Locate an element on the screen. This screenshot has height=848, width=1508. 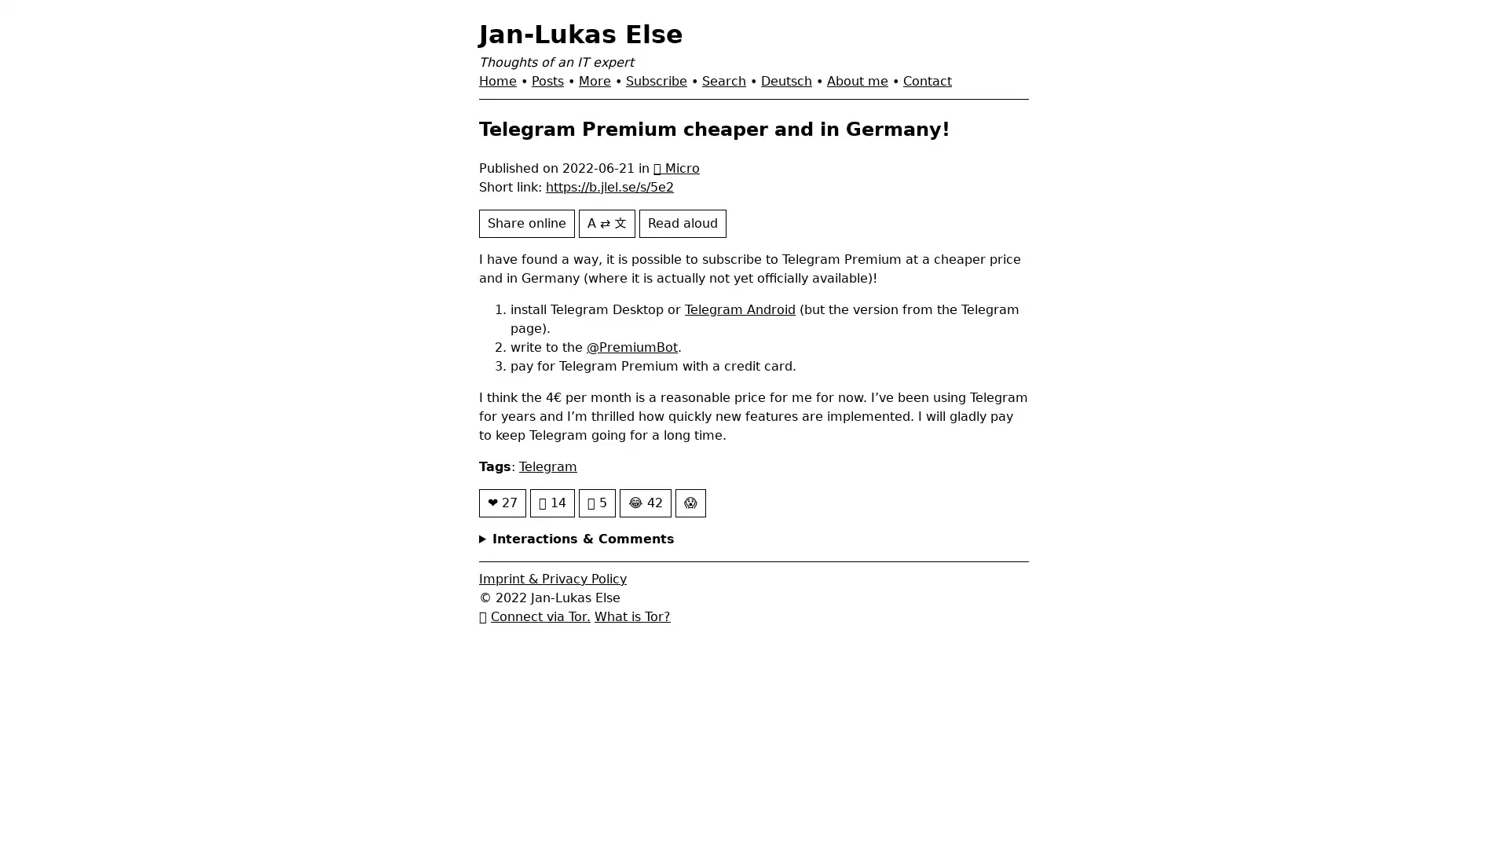
42 is located at coordinates (645, 503).